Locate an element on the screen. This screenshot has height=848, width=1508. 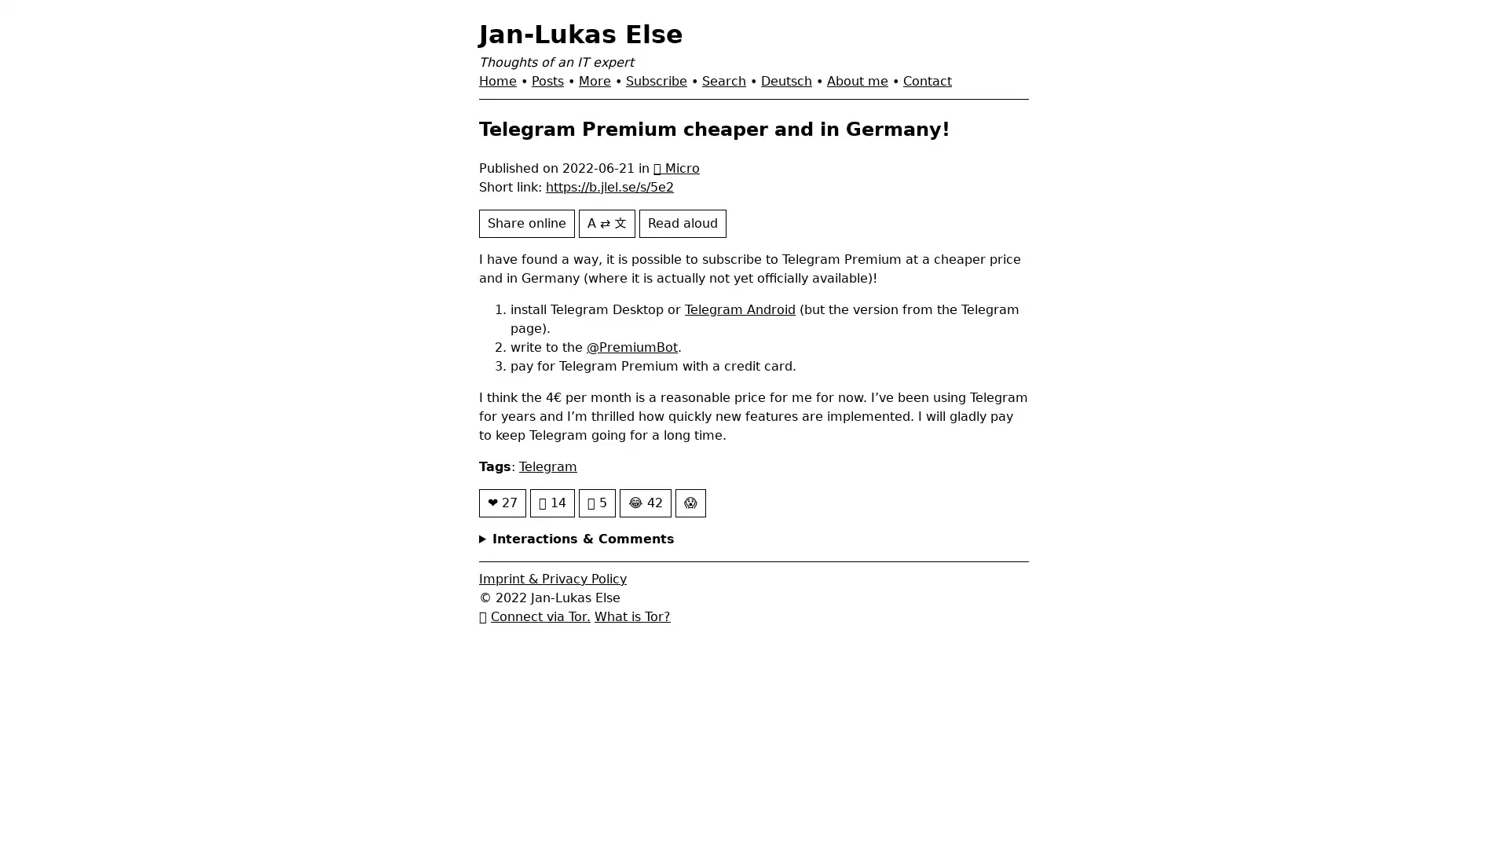
42 is located at coordinates (645, 503).